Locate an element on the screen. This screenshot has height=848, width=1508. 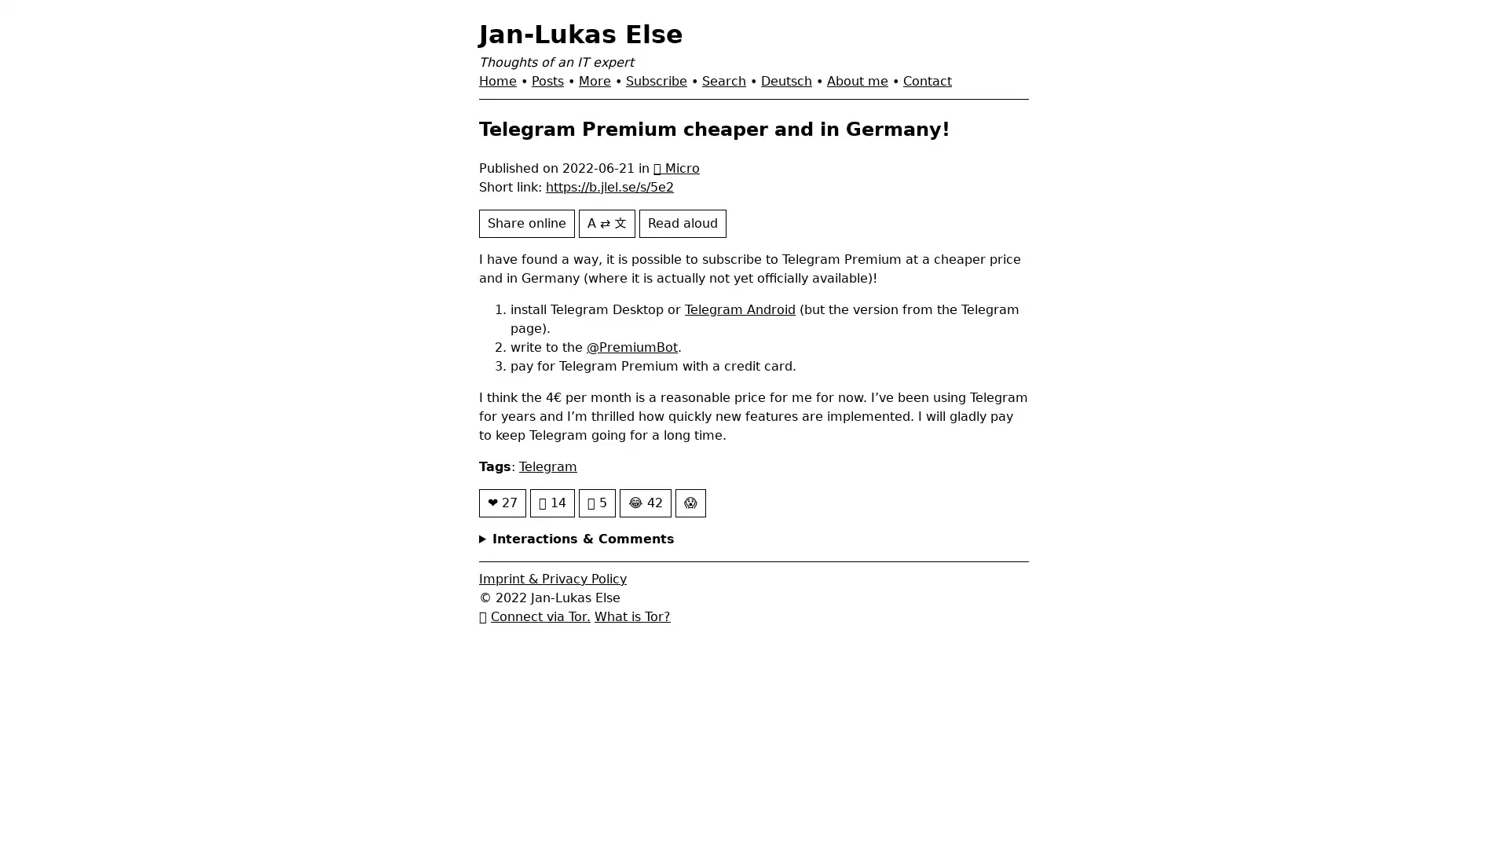
42 is located at coordinates (645, 503).